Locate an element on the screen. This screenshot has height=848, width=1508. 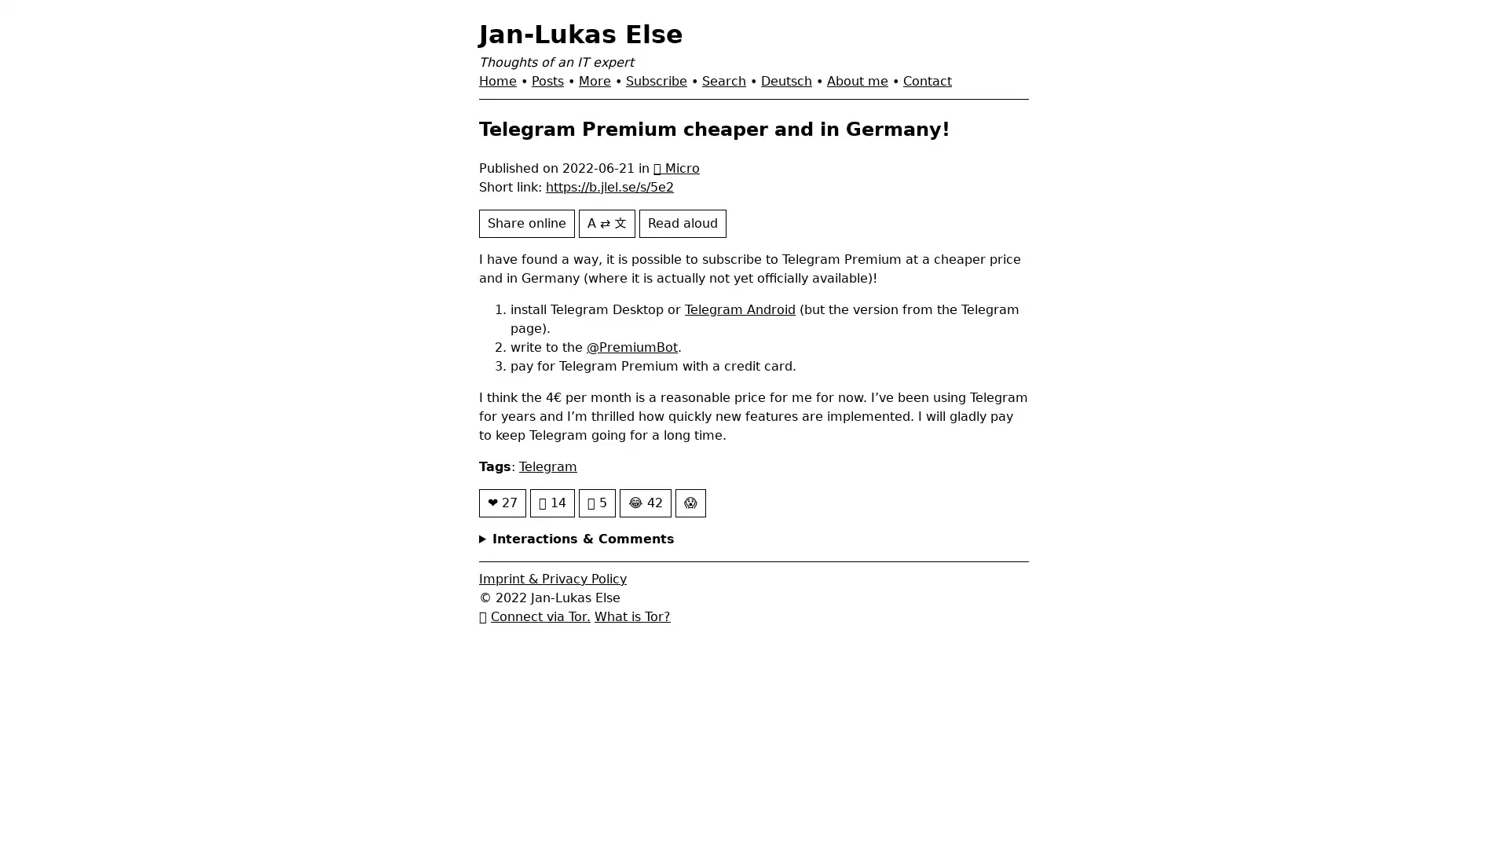
42 is located at coordinates (645, 503).